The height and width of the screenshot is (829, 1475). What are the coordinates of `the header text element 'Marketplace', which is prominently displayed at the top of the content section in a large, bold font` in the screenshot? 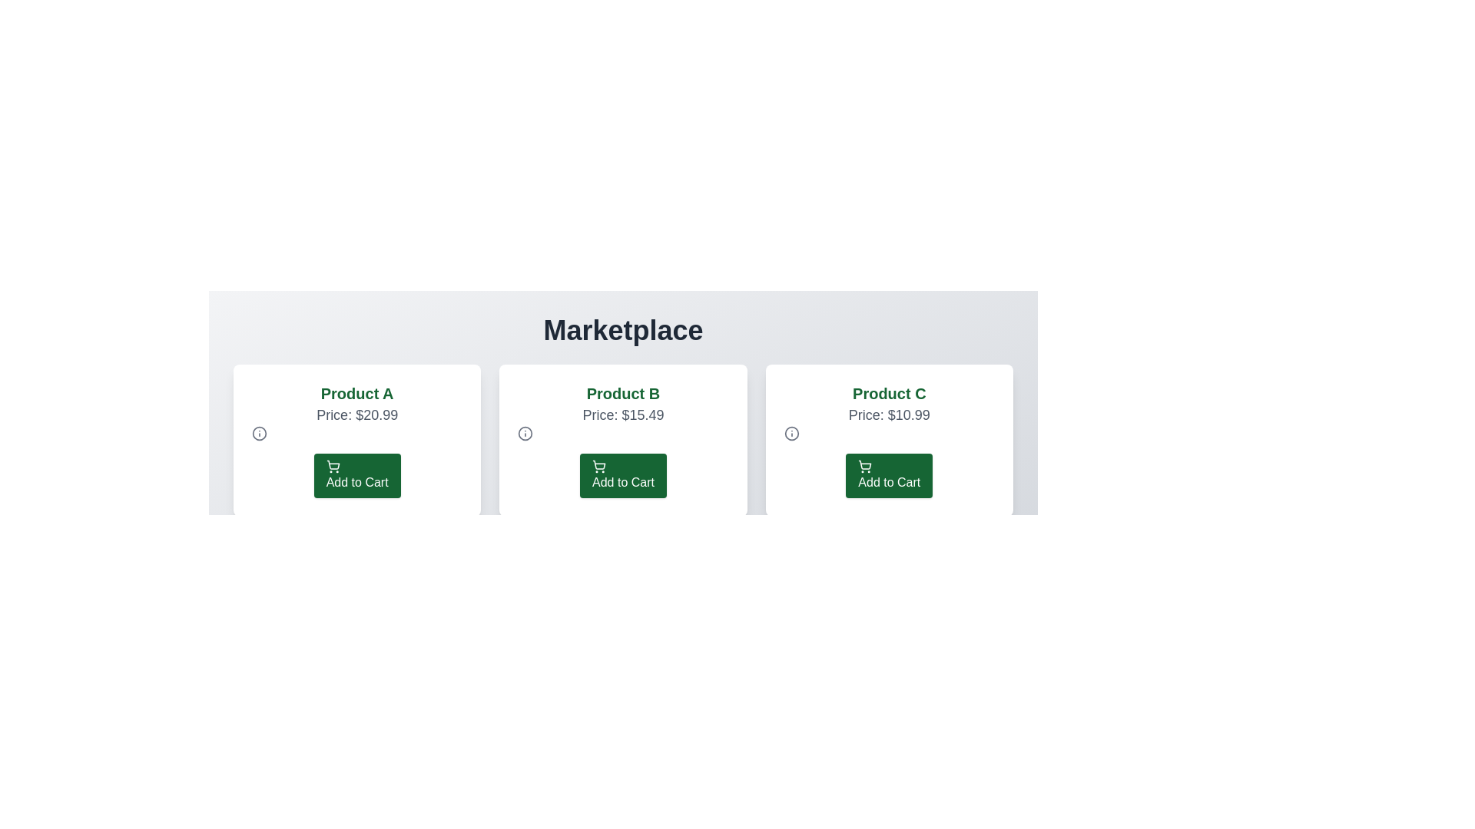 It's located at (623, 330).